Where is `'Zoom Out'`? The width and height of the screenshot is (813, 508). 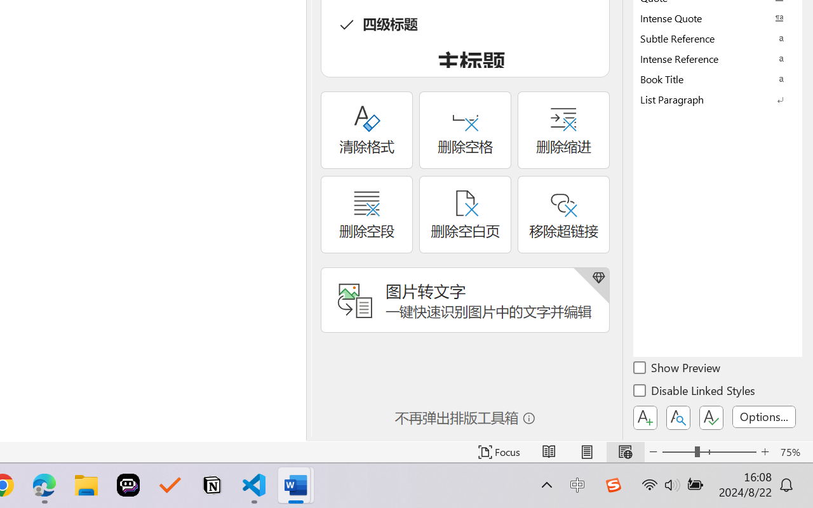 'Zoom Out' is located at coordinates (678, 451).